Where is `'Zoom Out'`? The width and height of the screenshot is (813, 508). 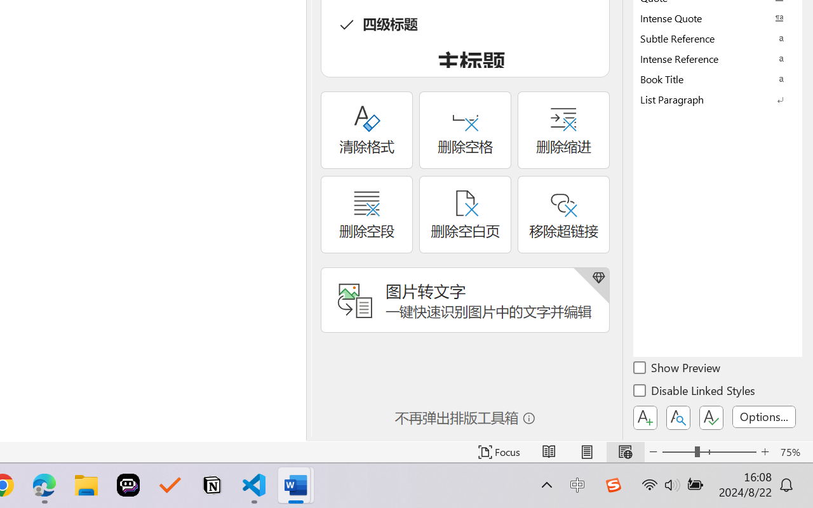 'Zoom Out' is located at coordinates (678, 451).